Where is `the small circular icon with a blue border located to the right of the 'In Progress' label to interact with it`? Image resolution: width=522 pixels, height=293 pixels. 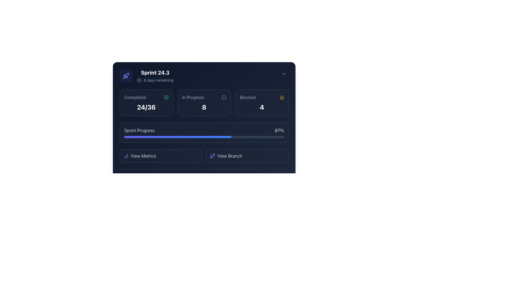
the small circular icon with a blue border located to the right of the 'In Progress' label to interact with it is located at coordinates (224, 97).